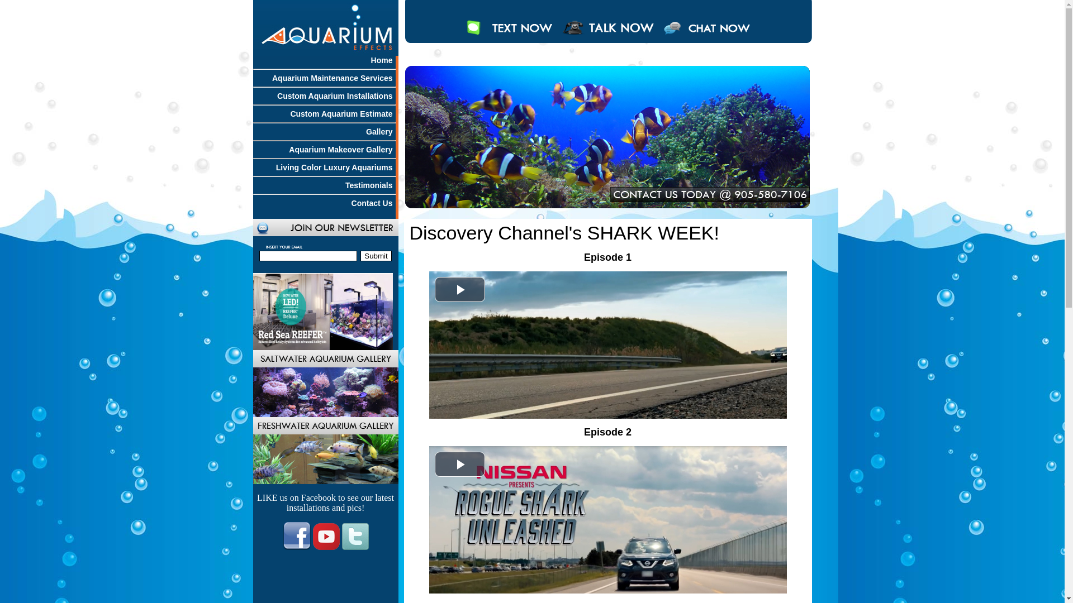 This screenshot has width=1073, height=603. What do you see at coordinates (333, 77) in the screenshot?
I see `'Aquarium Maintenance Services'` at bounding box center [333, 77].